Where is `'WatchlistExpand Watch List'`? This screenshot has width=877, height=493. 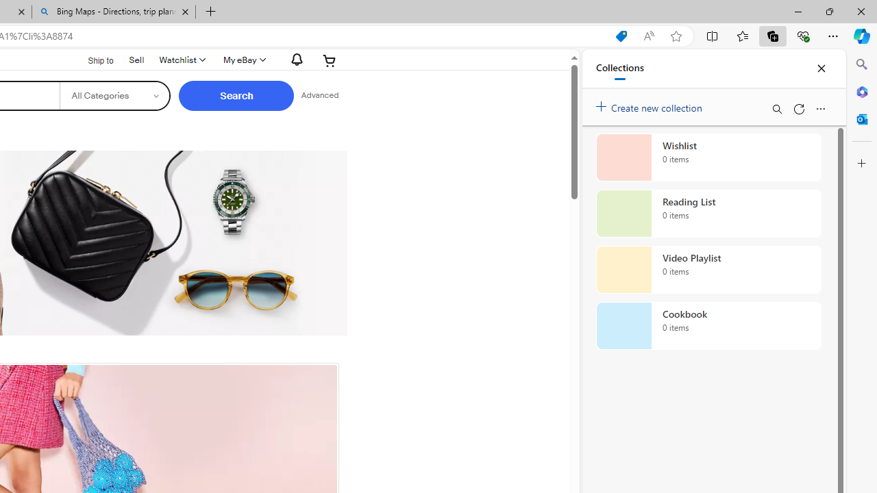 'WatchlistExpand Watch List' is located at coordinates (180, 60).